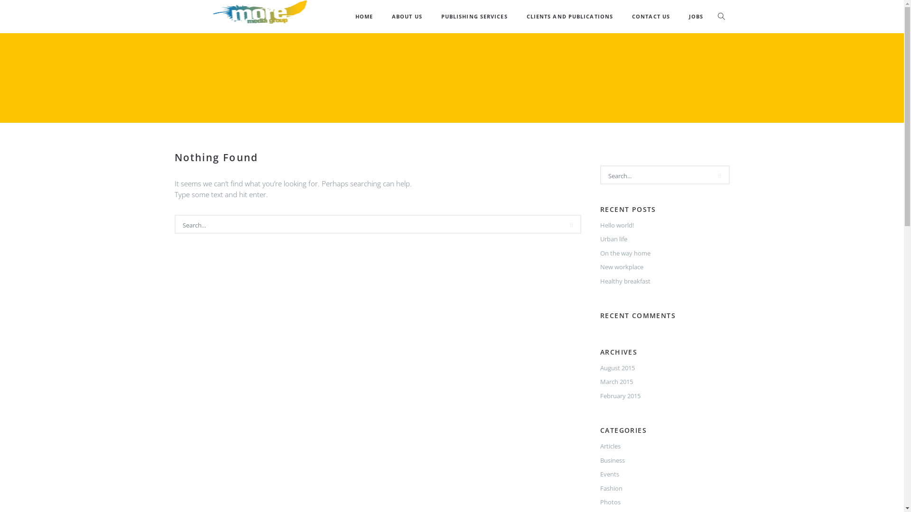 This screenshot has height=512, width=911. I want to click on 'CONTACT US', so click(651, 16).